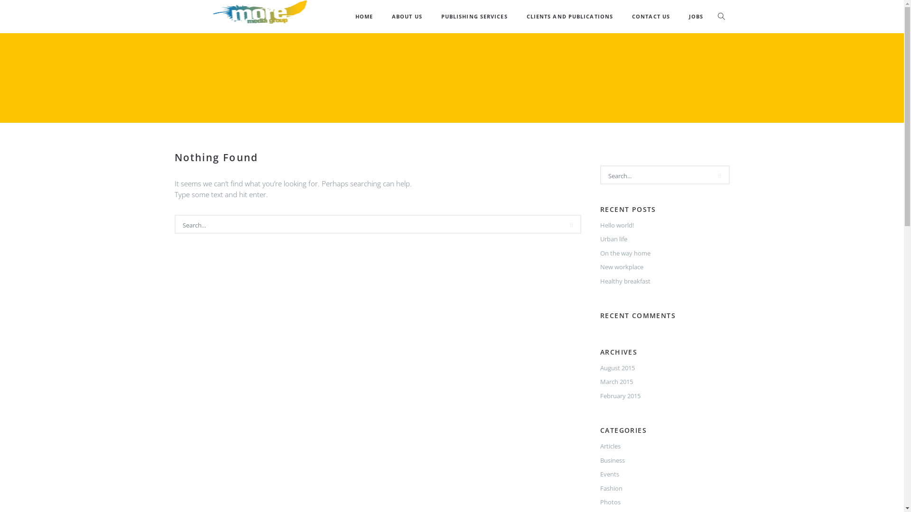 This screenshot has height=512, width=911. I want to click on 'CONTACT US', so click(651, 16).